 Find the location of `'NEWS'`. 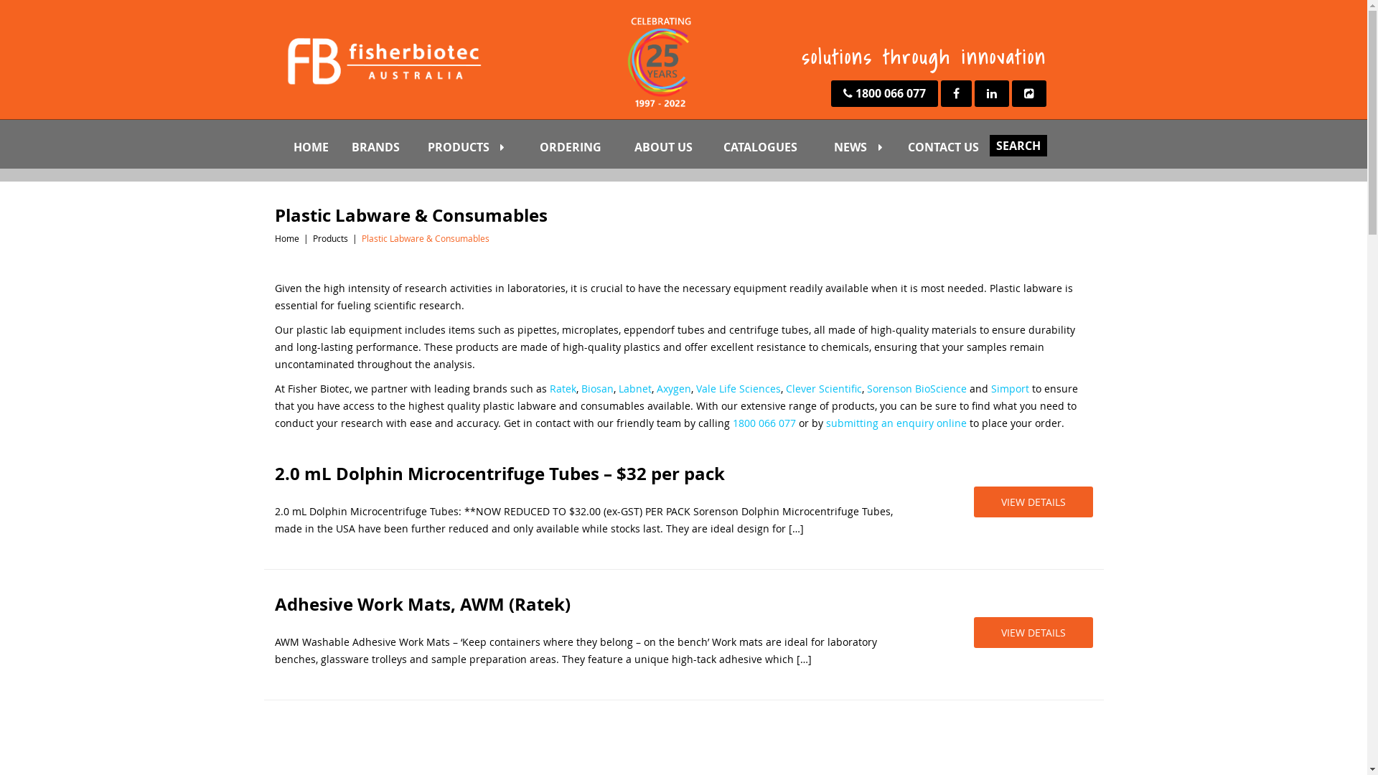

'NEWS' is located at coordinates (866, 146).